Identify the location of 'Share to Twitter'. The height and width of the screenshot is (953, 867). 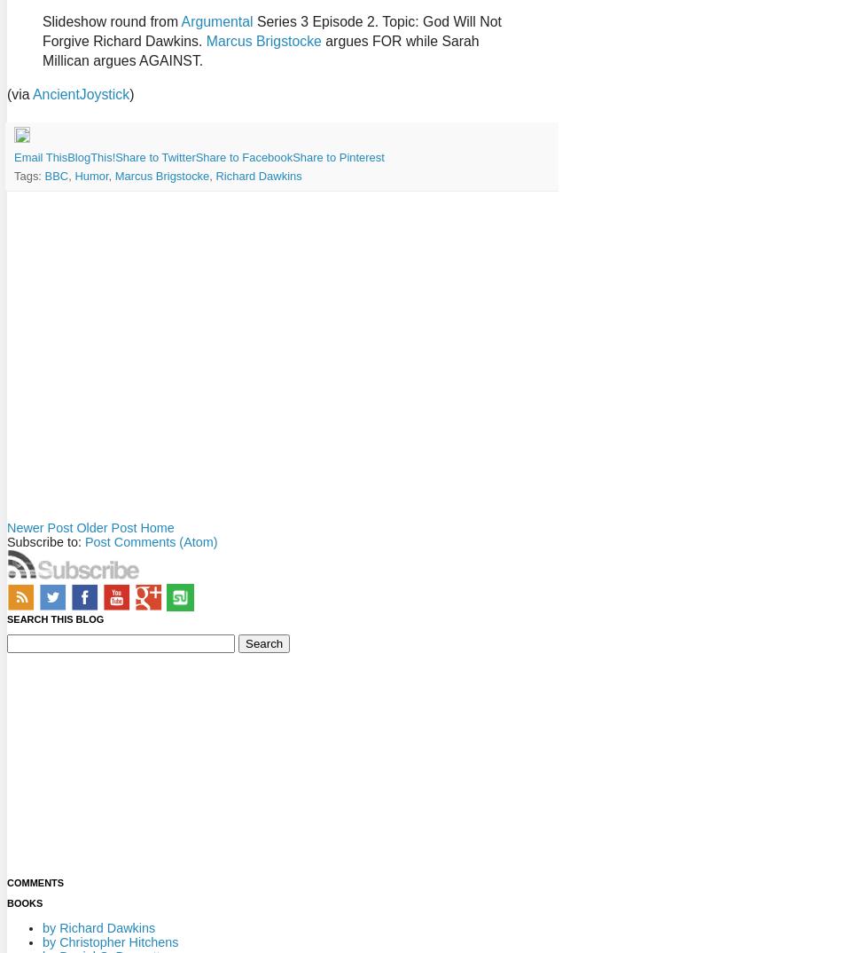
(154, 157).